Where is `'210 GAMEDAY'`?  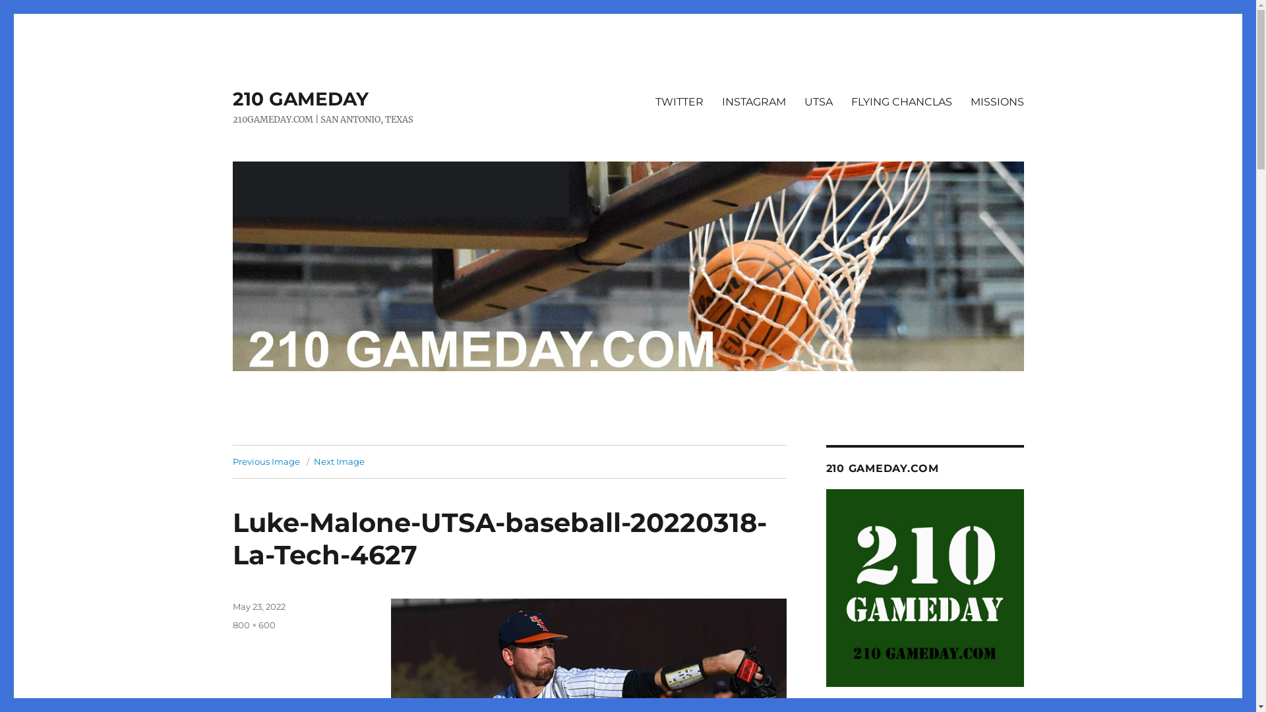
'210 GAMEDAY' is located at coordinates (299, 98).